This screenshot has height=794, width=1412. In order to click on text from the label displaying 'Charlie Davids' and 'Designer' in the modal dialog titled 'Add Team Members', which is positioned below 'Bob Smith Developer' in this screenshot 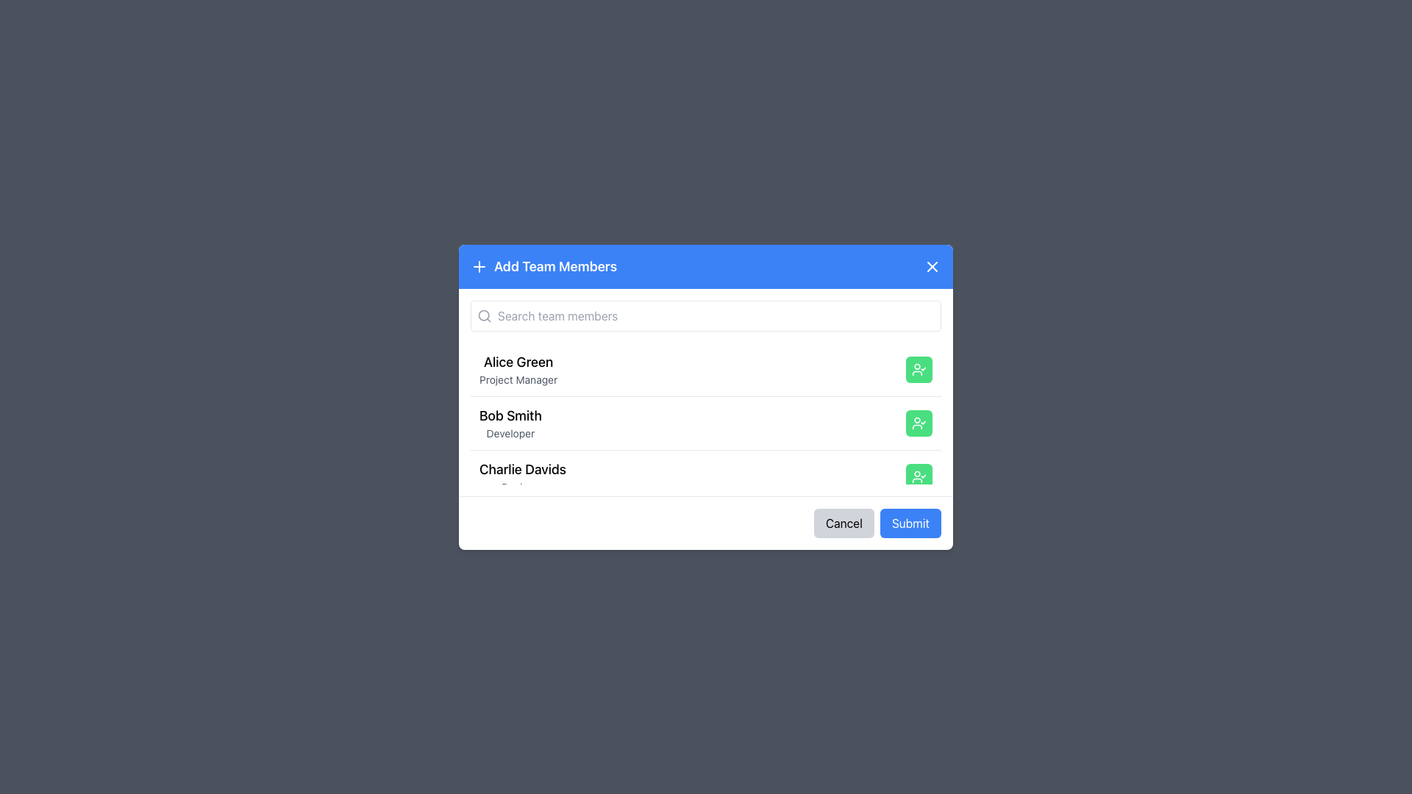, I will do `click(522, 476)`.